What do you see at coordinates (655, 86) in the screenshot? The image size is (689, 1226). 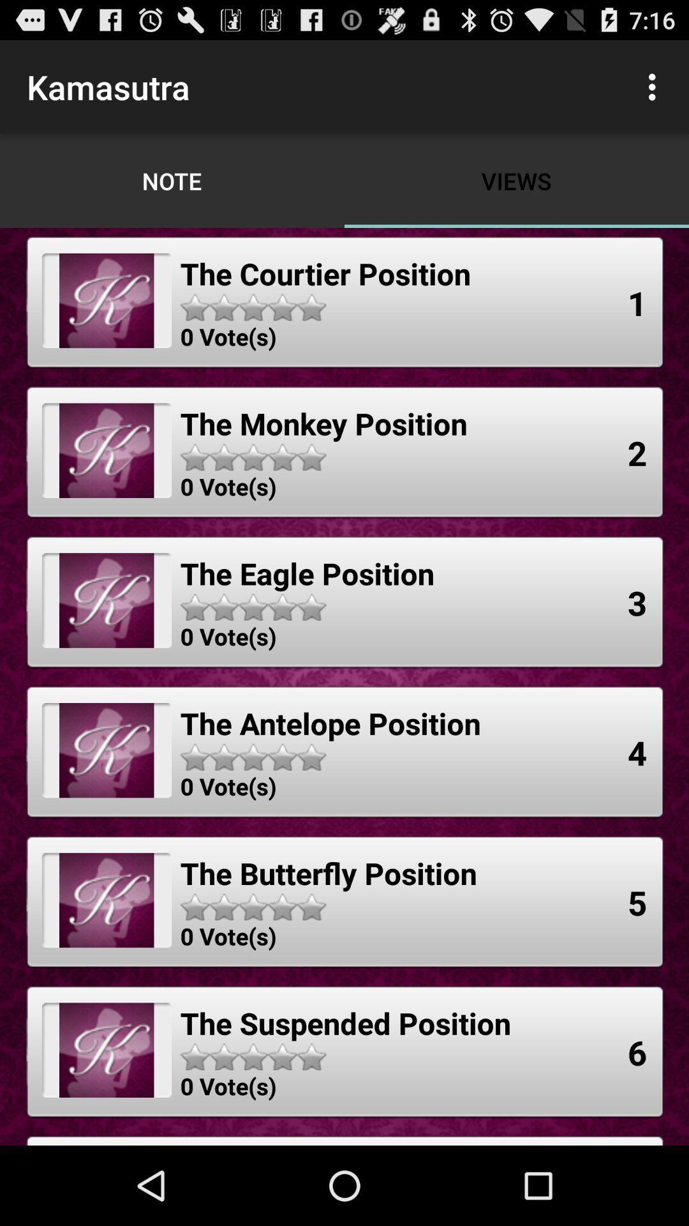 I see `the item next to views item` at bounding box center [655, 86].